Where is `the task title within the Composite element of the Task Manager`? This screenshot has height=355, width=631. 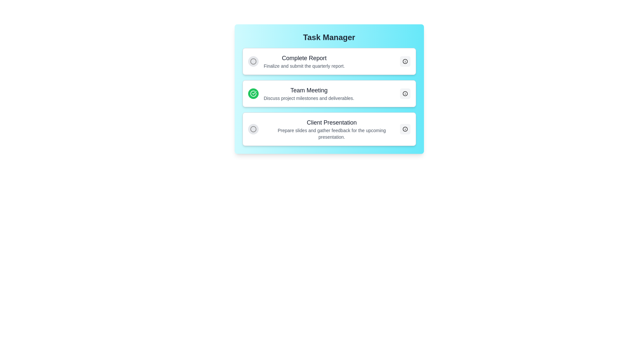 the task title within the Composite element of the Task Manager is located at coordinates (329, 97).